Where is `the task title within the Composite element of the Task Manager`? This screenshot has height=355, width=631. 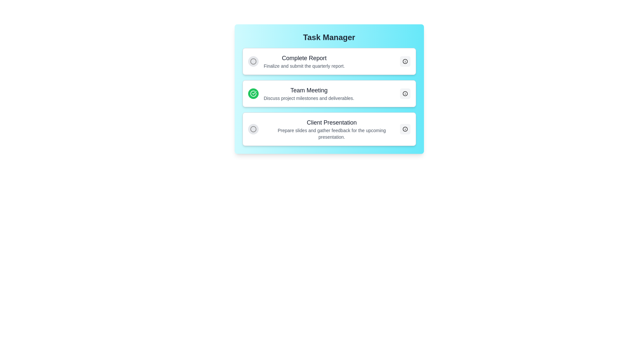 the task title within the Composite element of the Task Manager is located at coordinates (329, 97).